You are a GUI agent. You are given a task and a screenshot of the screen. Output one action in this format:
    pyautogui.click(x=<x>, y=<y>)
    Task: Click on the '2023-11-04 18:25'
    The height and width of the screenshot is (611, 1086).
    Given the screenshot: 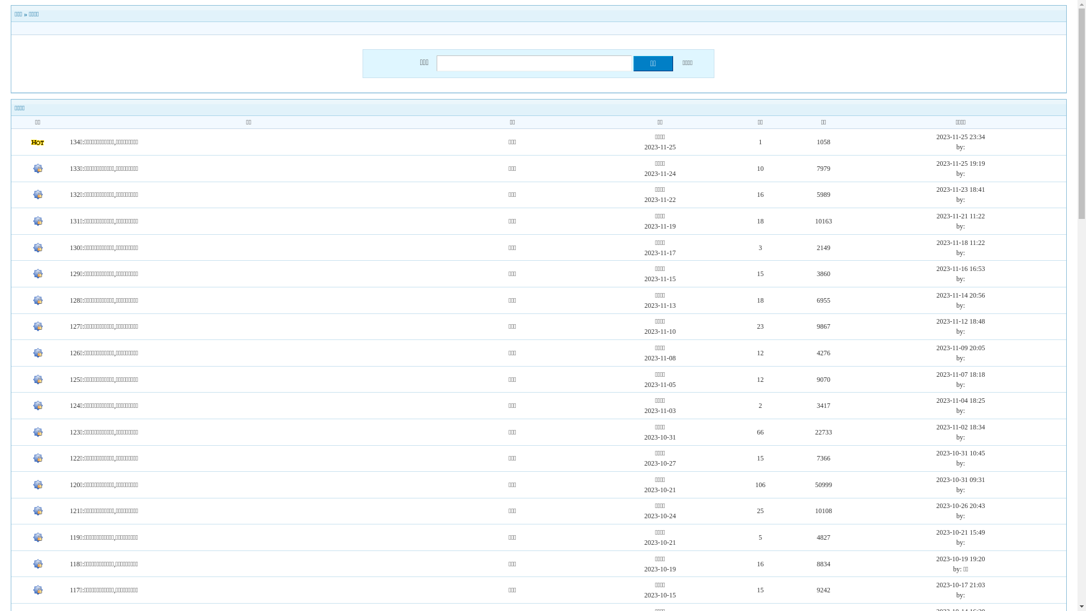 What is the action you would take?
    pyautogui.click(x=960, y=400)
    